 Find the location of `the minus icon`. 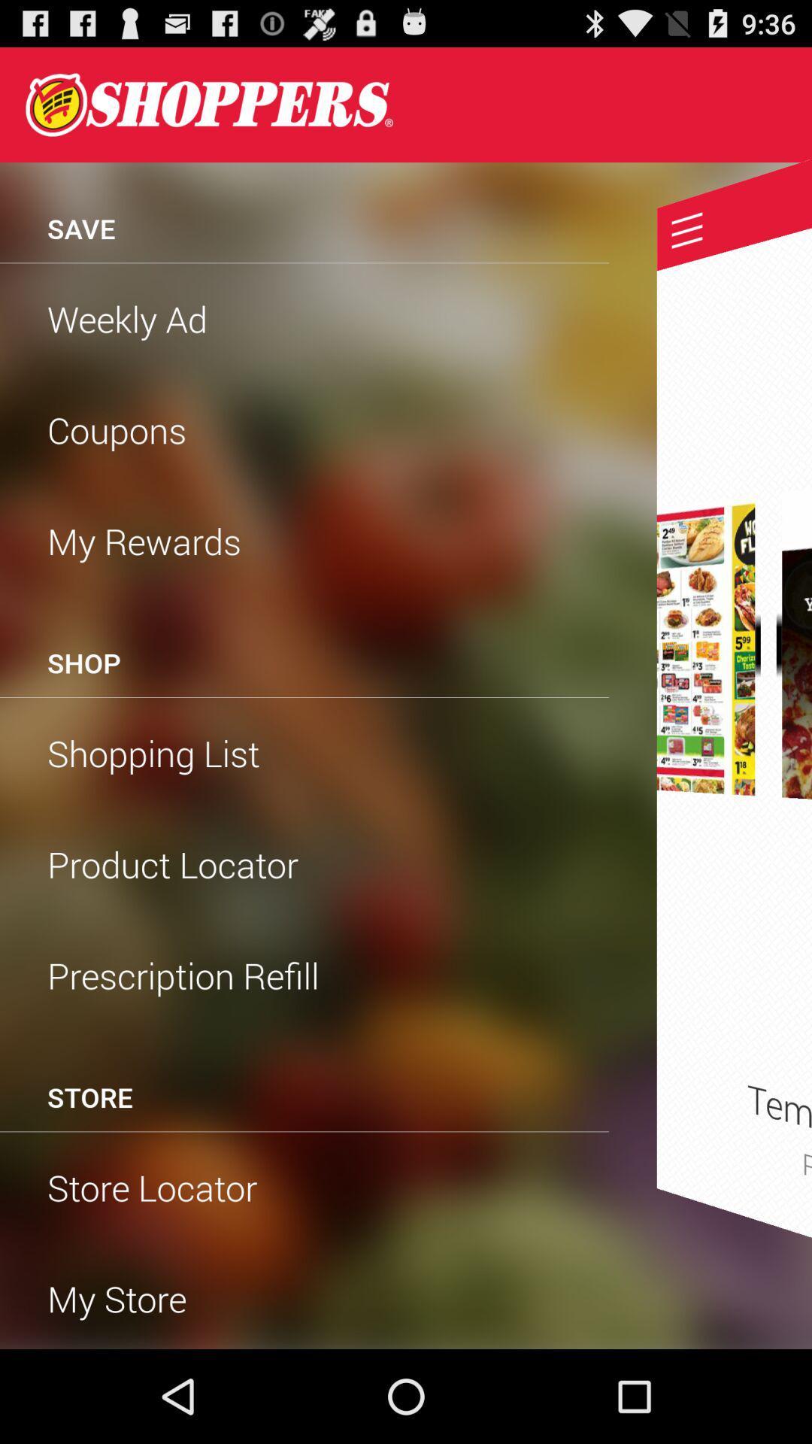

the minus icon is located at coordinates (761, 690).